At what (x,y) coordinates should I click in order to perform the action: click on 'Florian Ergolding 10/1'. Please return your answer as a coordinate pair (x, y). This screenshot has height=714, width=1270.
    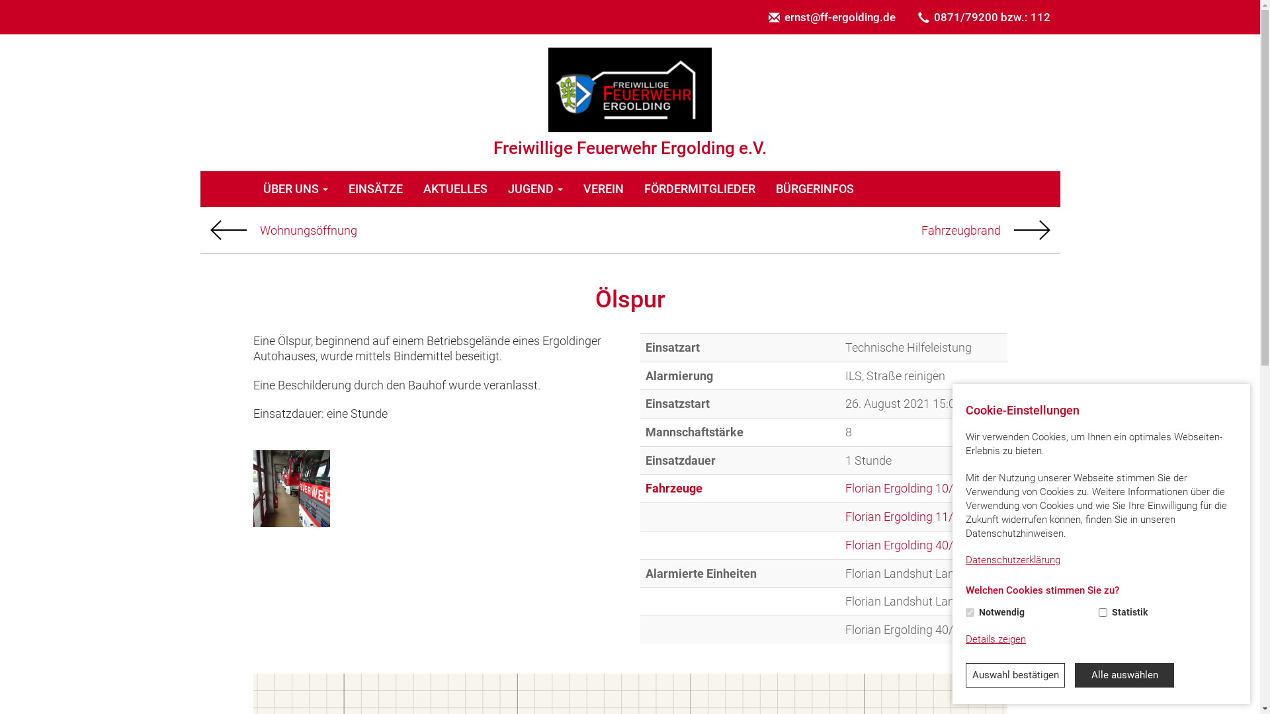
    Looking at the image, I should click on (902, 488).